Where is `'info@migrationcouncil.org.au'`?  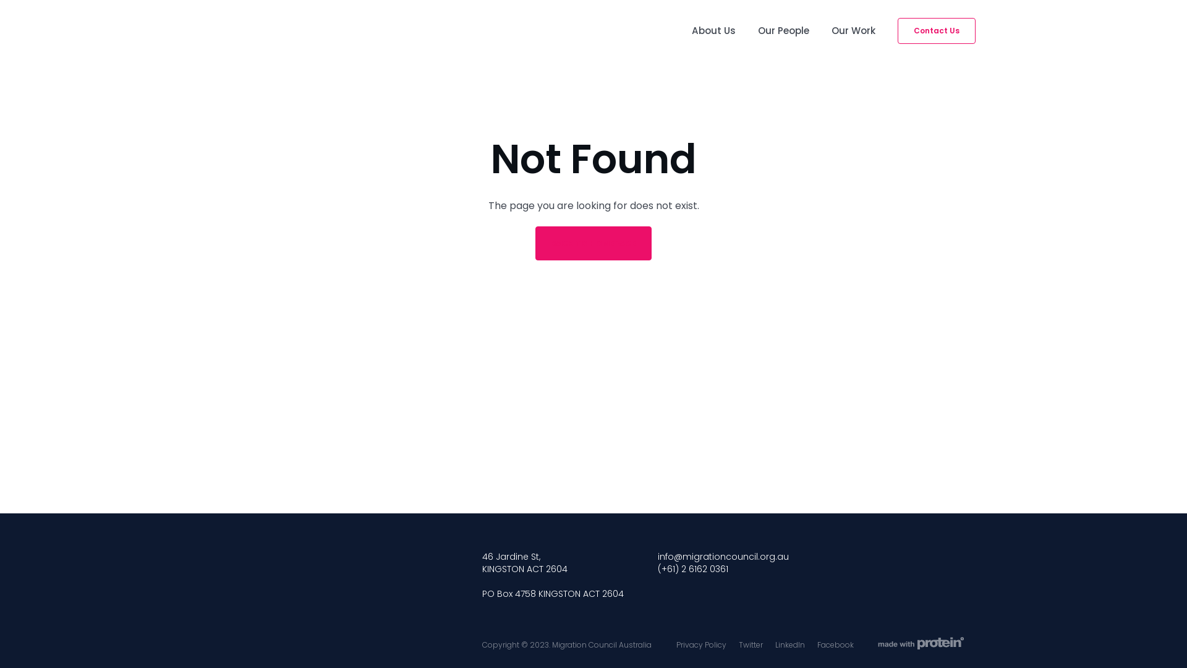 'info@migrationcouncil.org.au' is located at coordinates (723, 555).